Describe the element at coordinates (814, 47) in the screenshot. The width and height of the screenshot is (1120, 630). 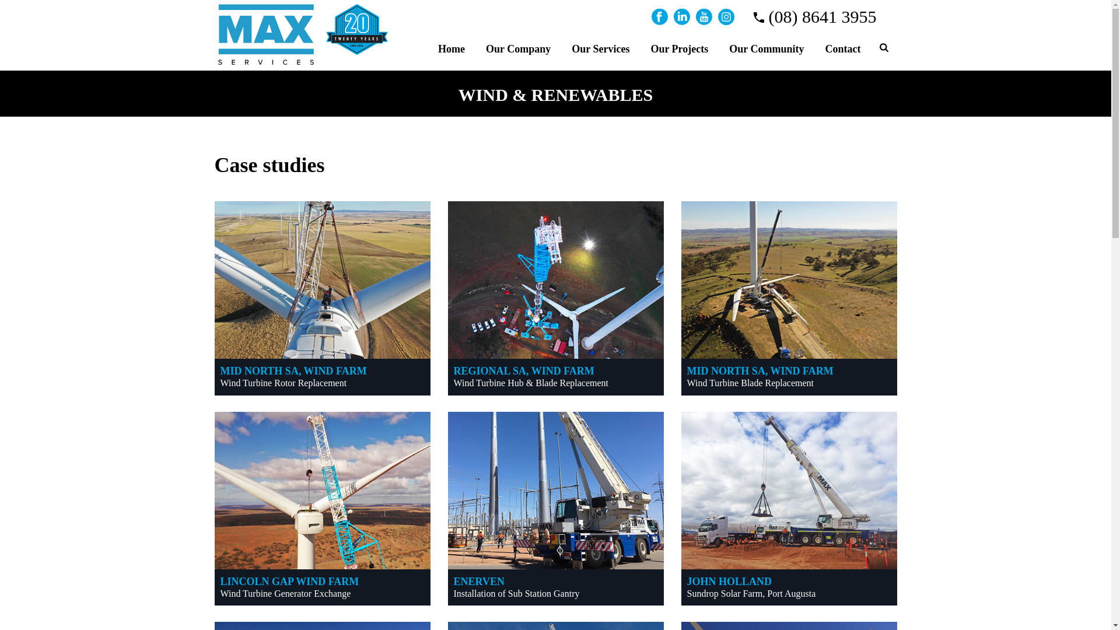
I see `'Contact'` at that location.